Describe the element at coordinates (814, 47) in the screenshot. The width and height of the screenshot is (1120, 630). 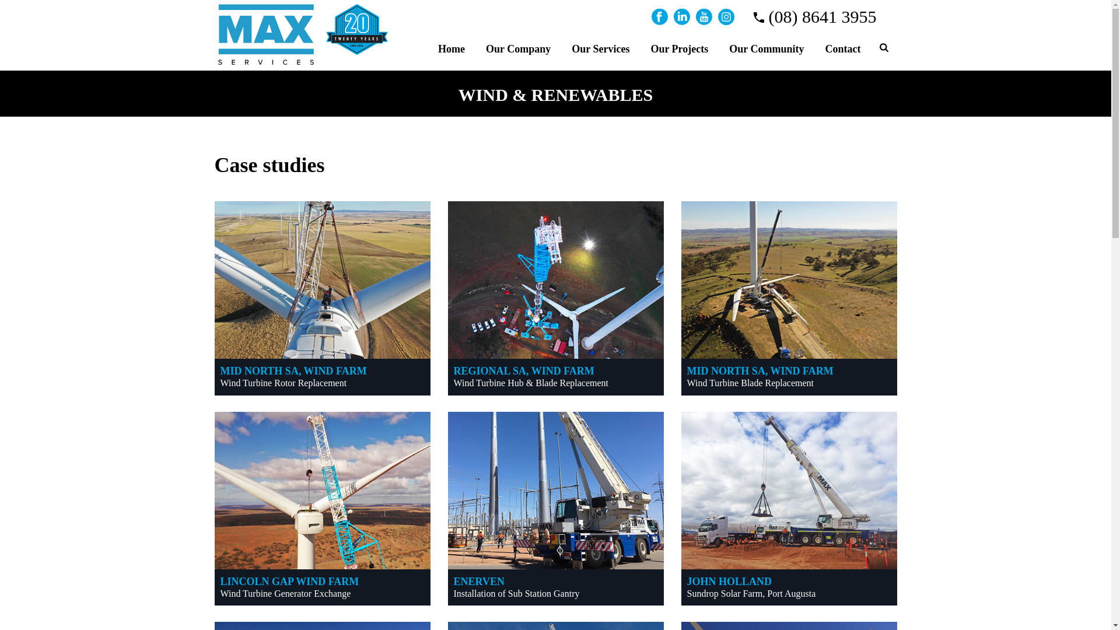
I see `'Contact'` at that location.